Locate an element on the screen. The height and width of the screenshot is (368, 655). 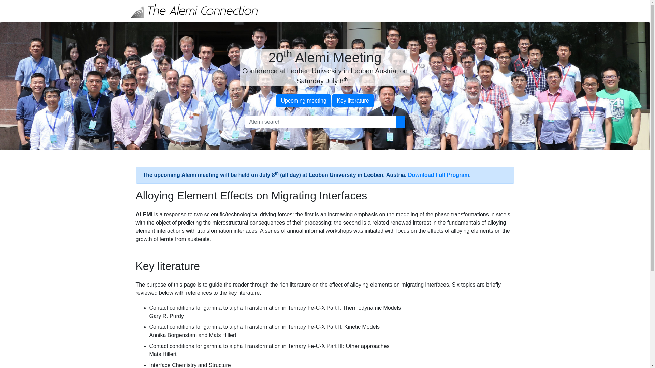
'Key literature' is located at coordinates (352, 101).